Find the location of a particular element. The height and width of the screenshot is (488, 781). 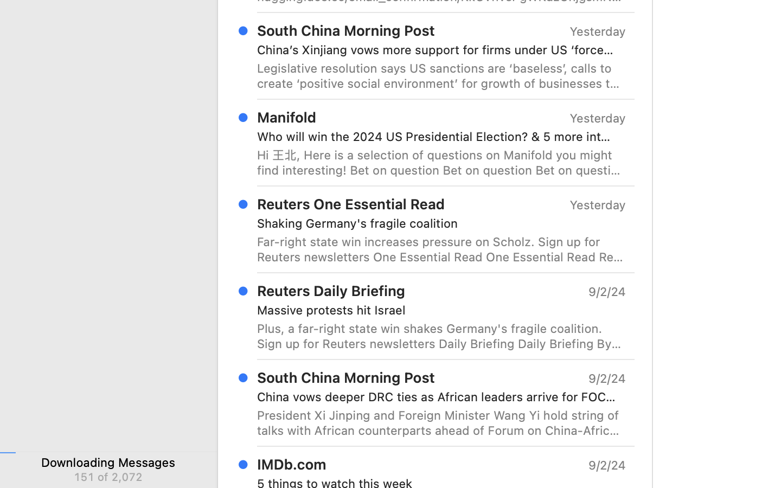

'Shaking Germany' is located at coordinates (437, 223).